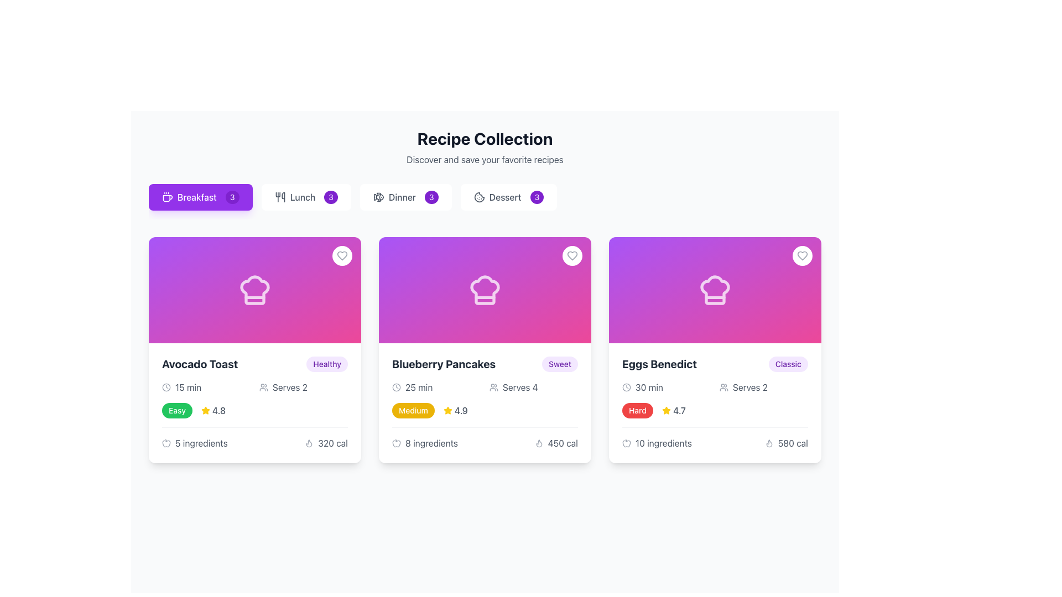 The height and width of the screenshot is (597, 1062). Describe the element at coordinates (485, 160) in the screenshot. I see `the text element that reads 'Discover and save your favorite recipes', which is styled with a gray color and located beneath the 'Recipe Collection' heading` at that location.